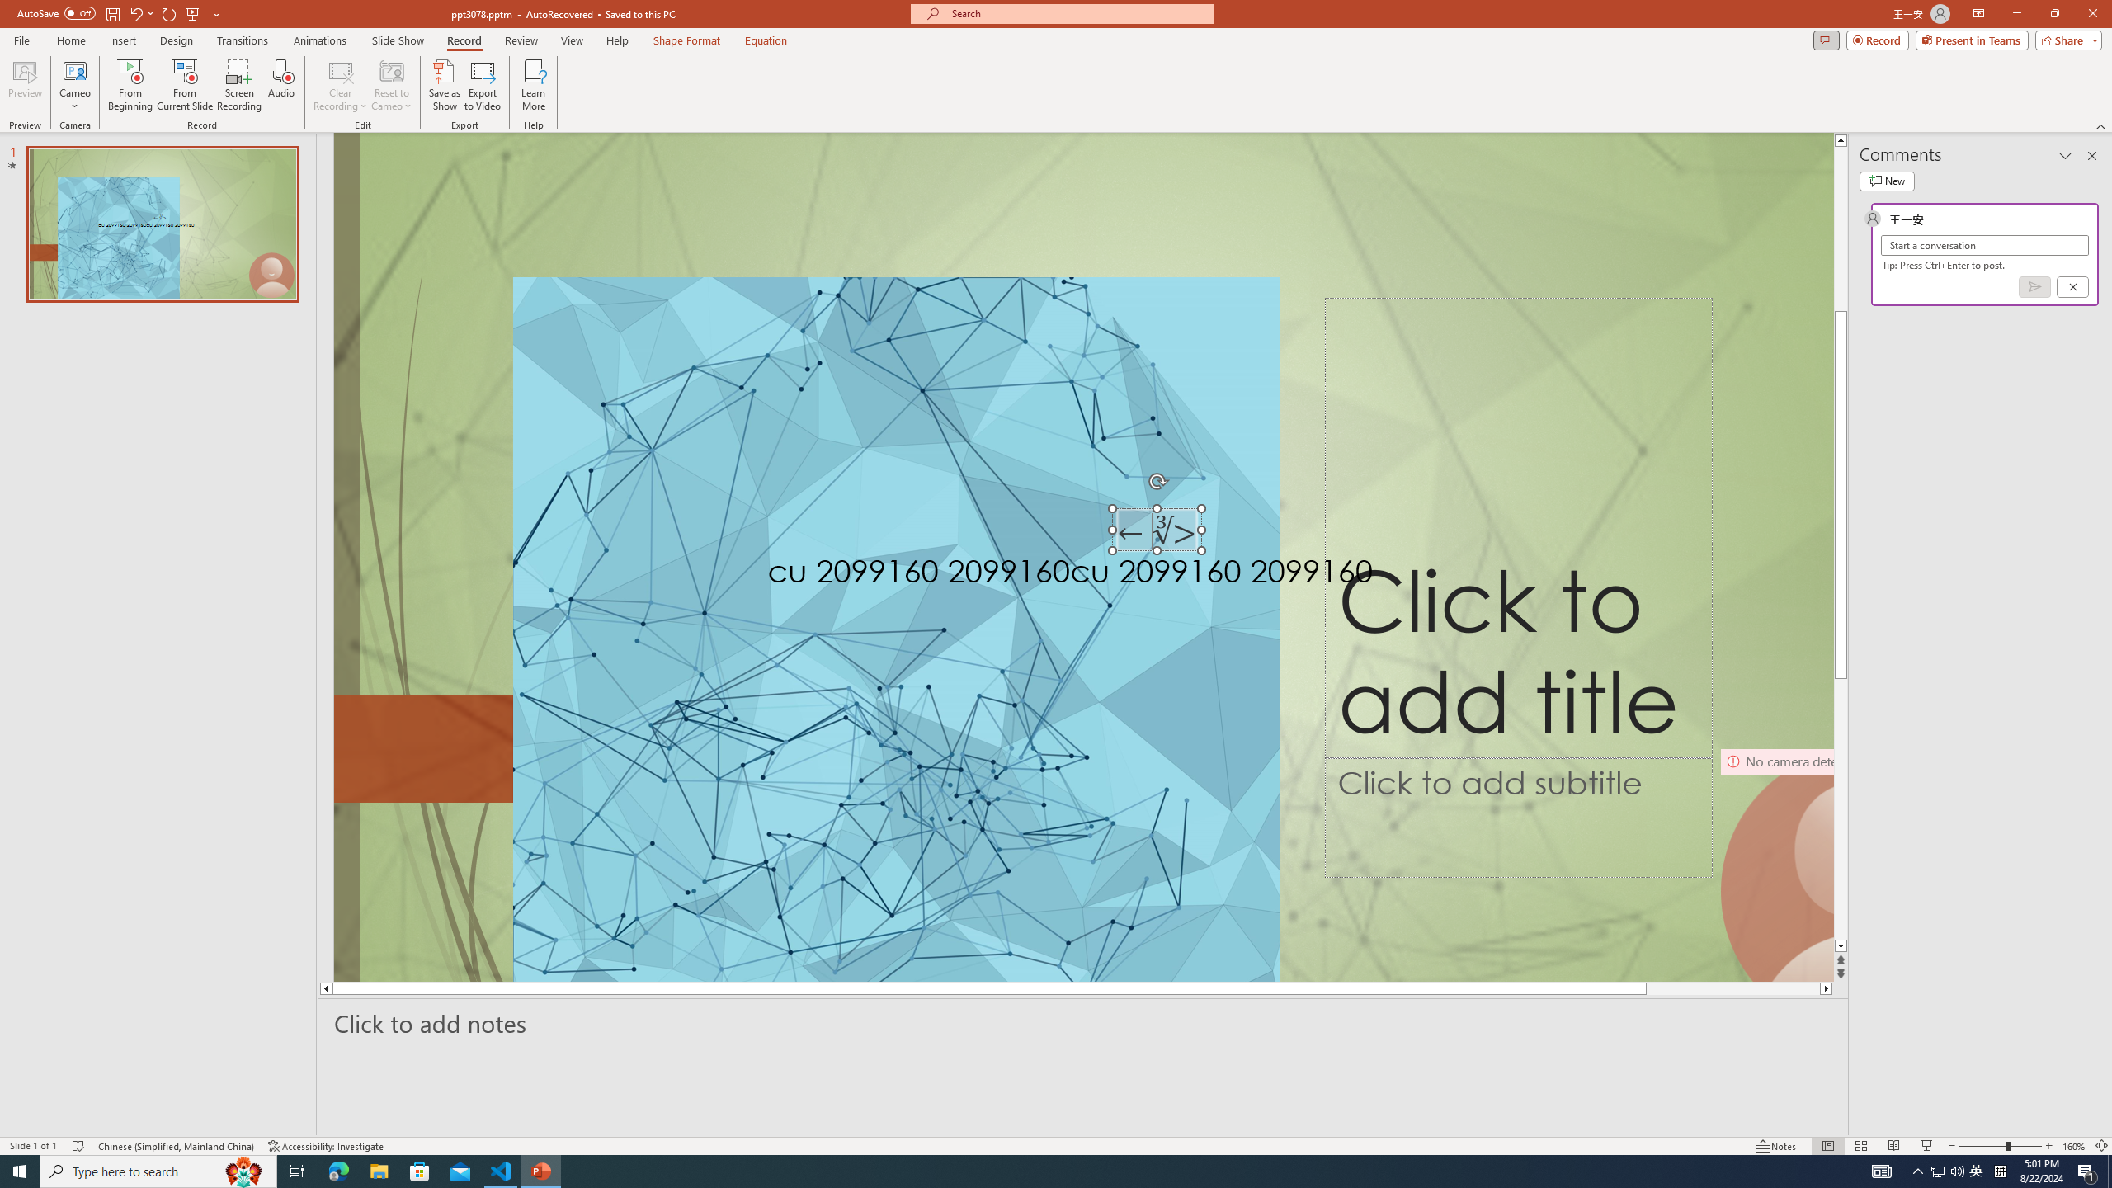 The height and width of the screenshot is (1188, 2112). I want to click on 'Post comment (Ctrl + Enter)', so click(2034, 287).